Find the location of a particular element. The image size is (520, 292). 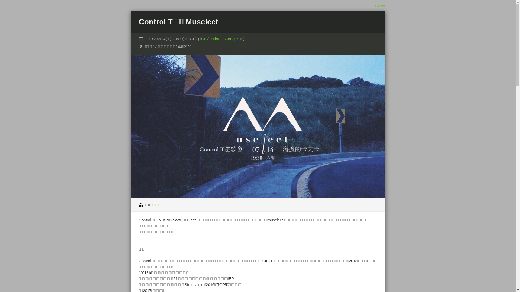

'iCal/Outlook' is located at coordinates (211, 38).